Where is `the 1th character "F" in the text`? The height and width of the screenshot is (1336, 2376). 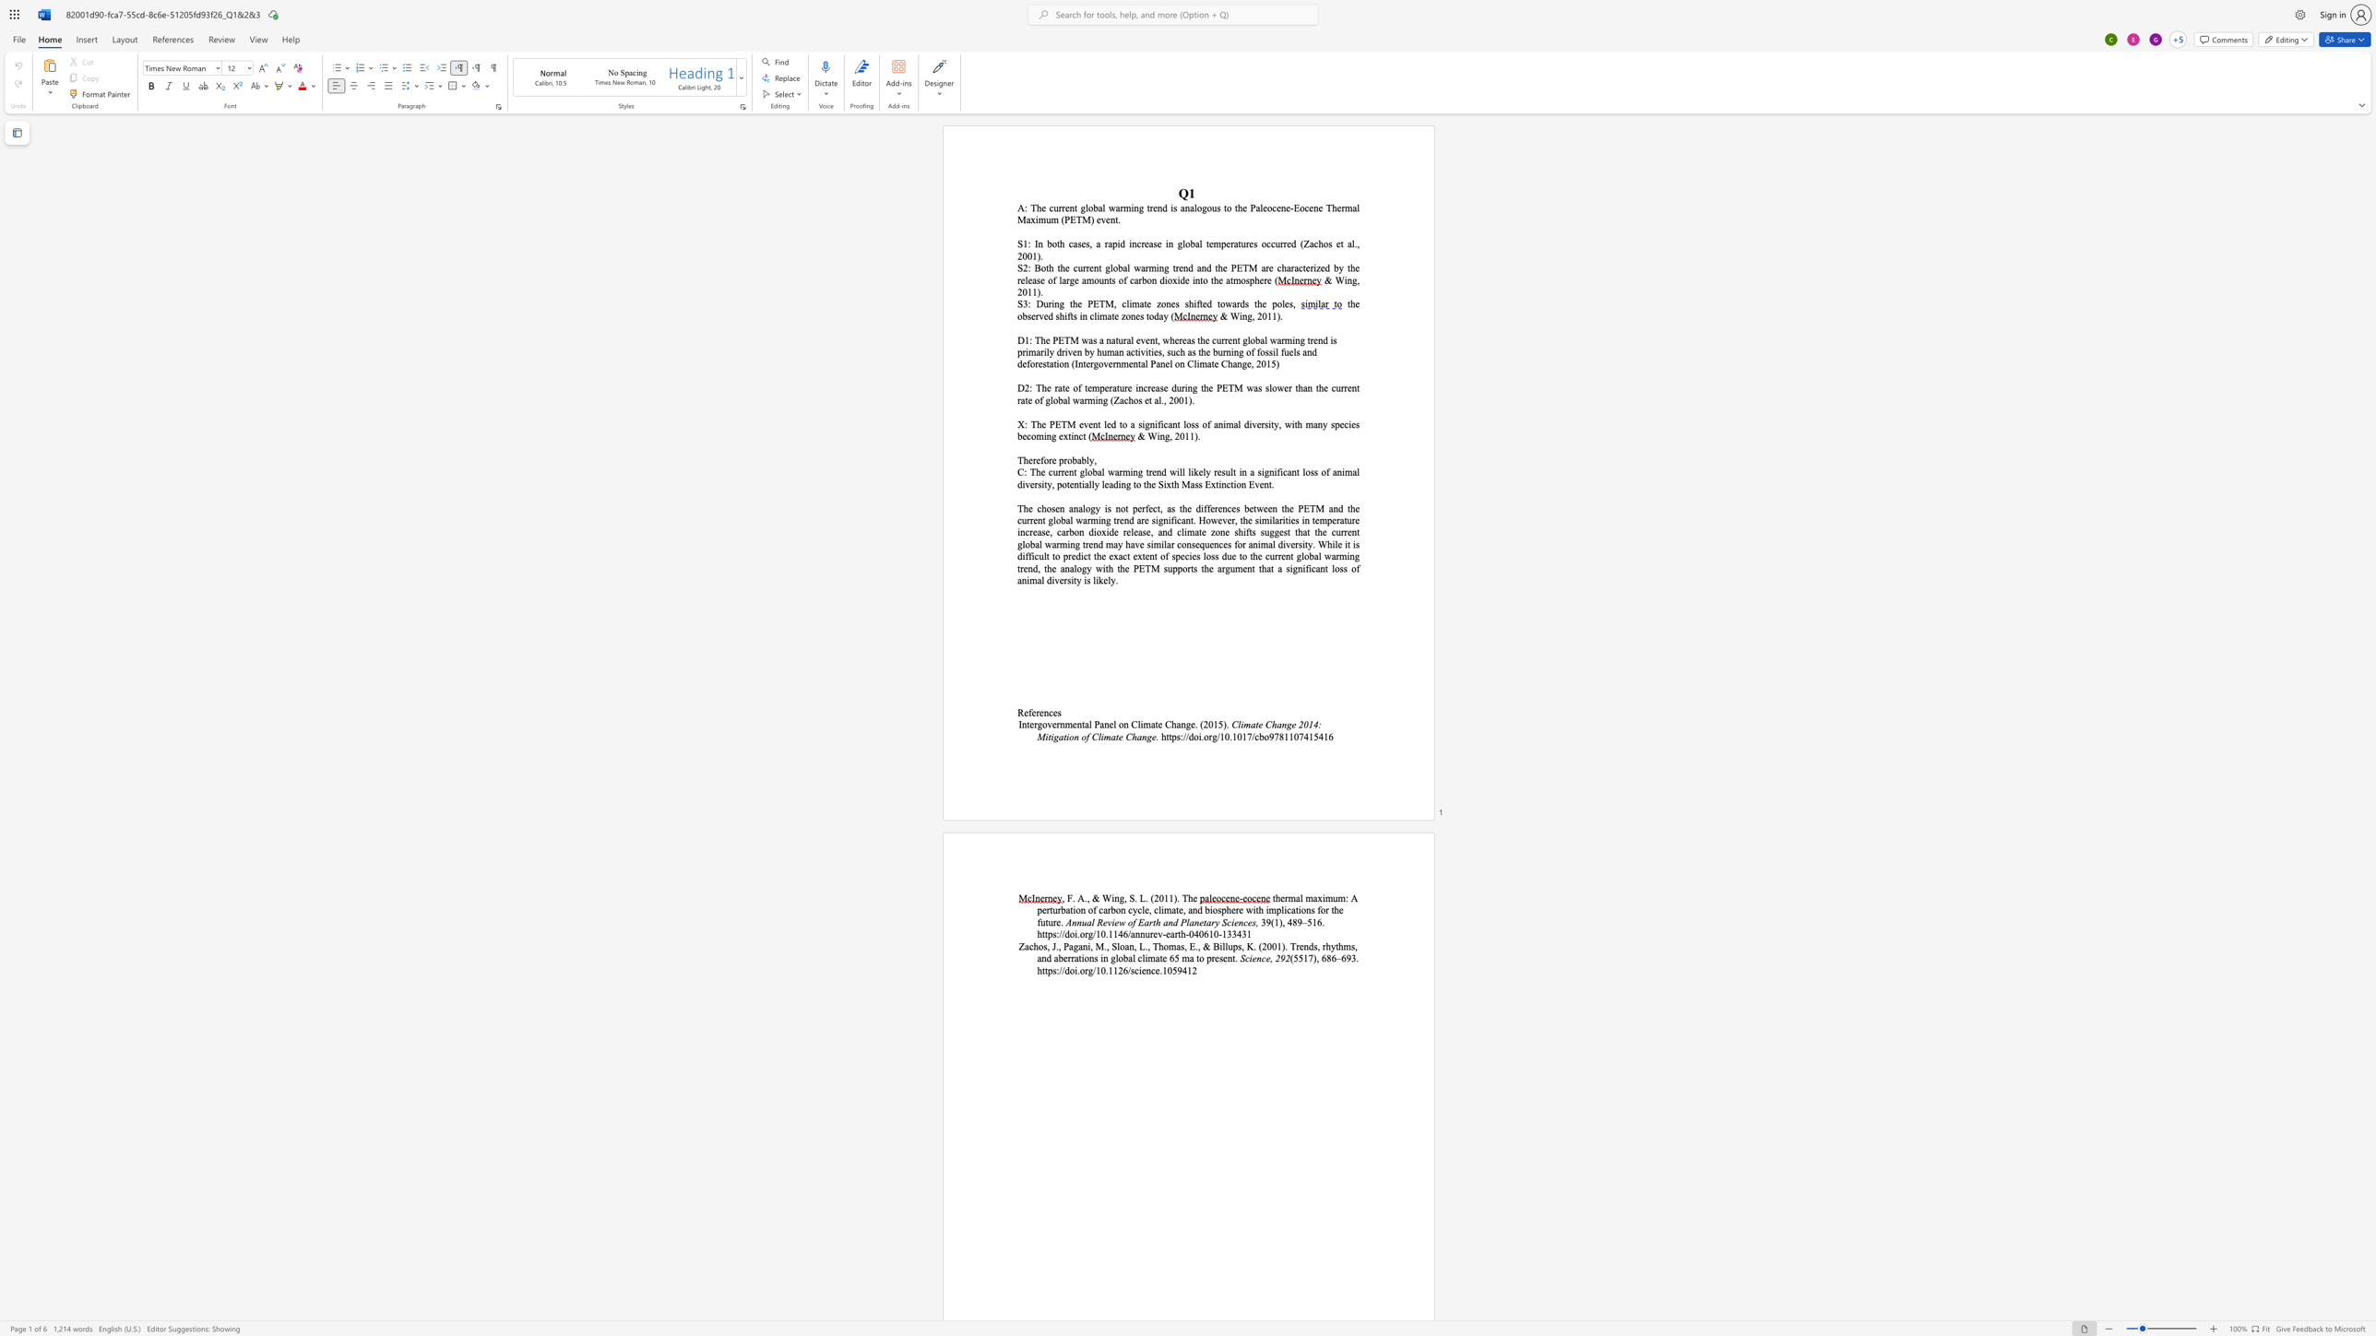 the 1th character "F" in the text is located at coordinates (1069, 898).